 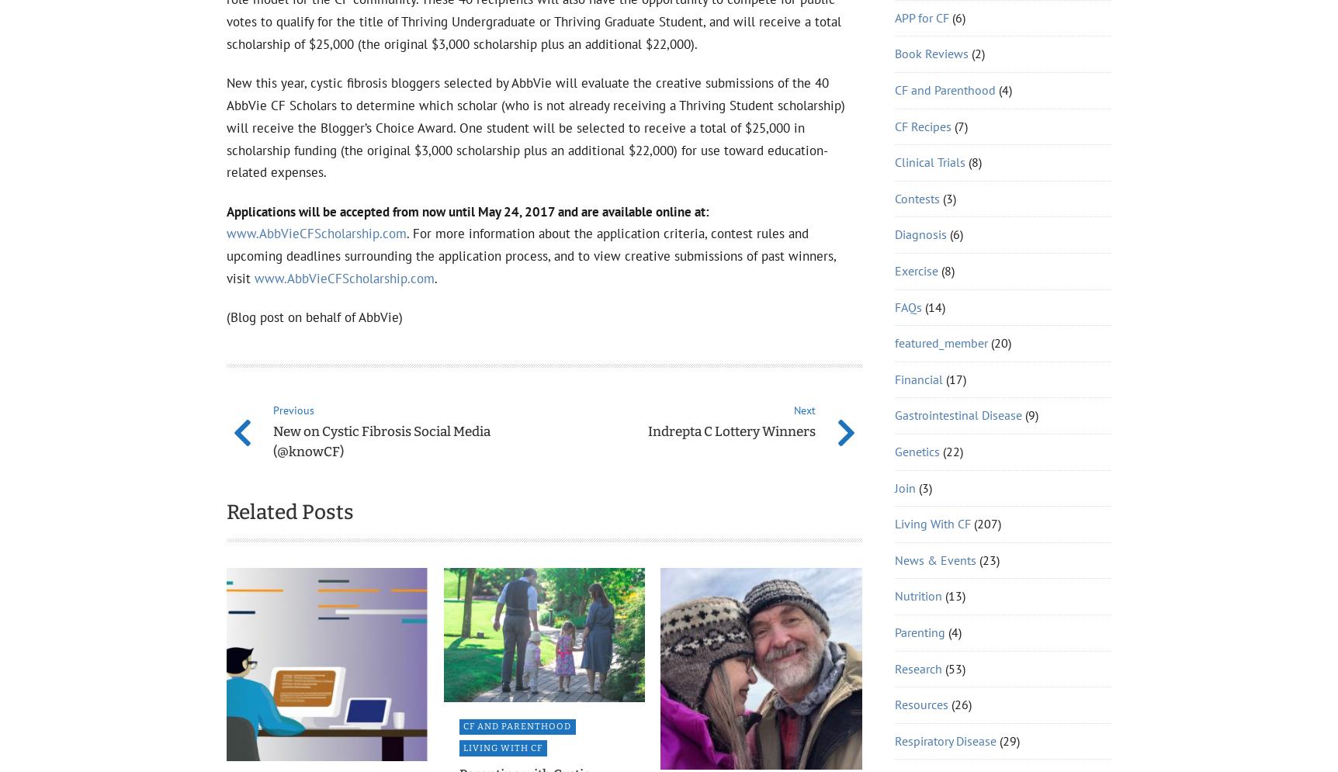 What do you see at coordinates (936, 360) in the screenshot?
I see `'(10)'` at bounding box center [936, 360].